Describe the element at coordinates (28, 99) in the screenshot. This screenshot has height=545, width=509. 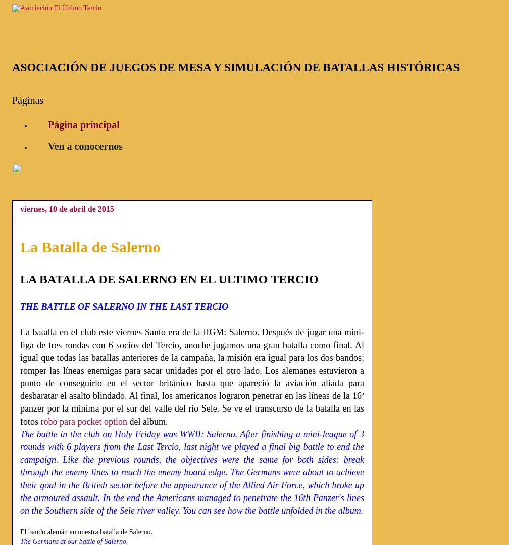
I see `'Páginas'` at that location.